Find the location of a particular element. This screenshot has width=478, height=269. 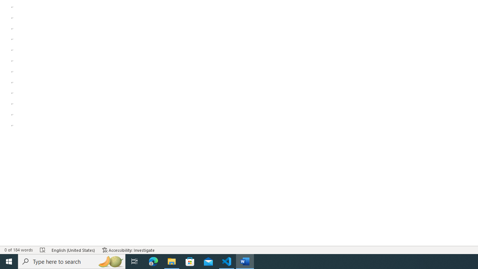

'Start' is located at coordinates (9, 261).